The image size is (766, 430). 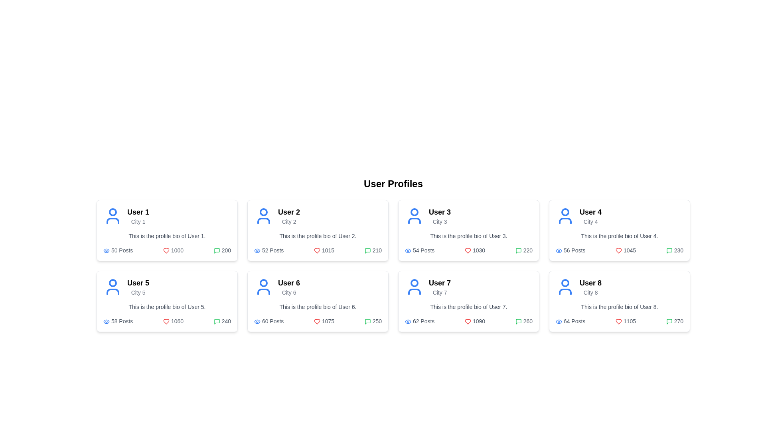 I want to click on the eye-shaped SVG icon with a blue outline in the '50 Posts' section of User 1's profile card, so click(x=106, y=250).